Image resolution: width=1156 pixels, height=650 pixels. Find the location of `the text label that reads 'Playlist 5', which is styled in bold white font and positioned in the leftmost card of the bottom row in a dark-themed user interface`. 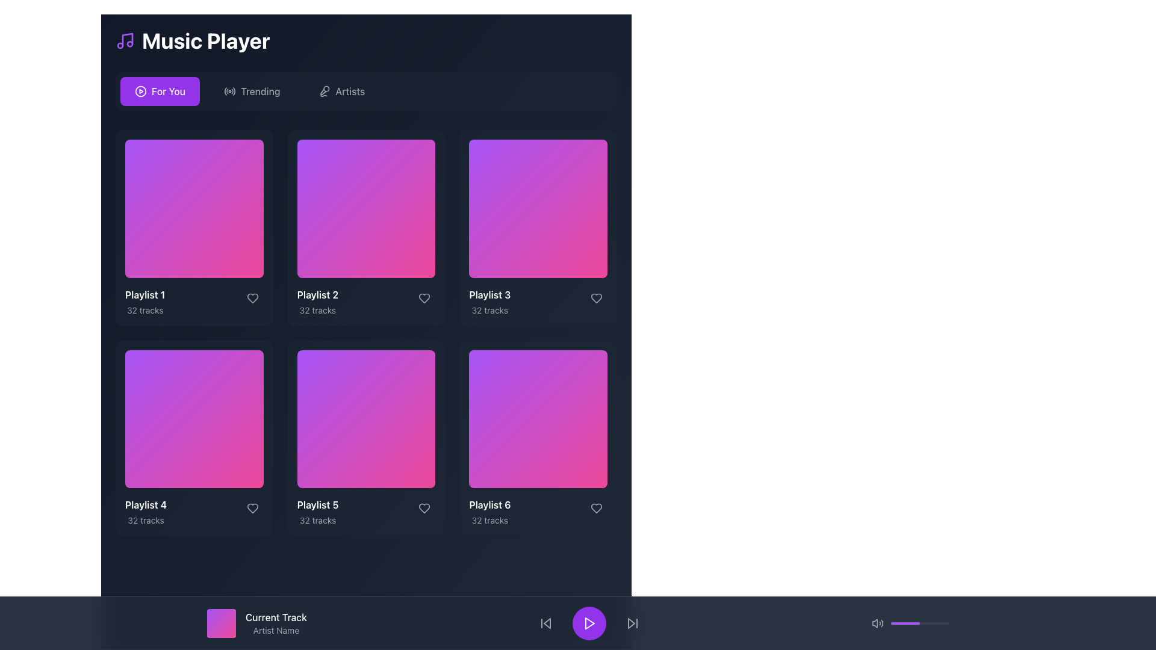

the text label that reads 'Playlist 5', which is styled in bold white font and positioned in the leftmost card of the bottom row in a dark-themed user interface is located at coordinates (318, 505).